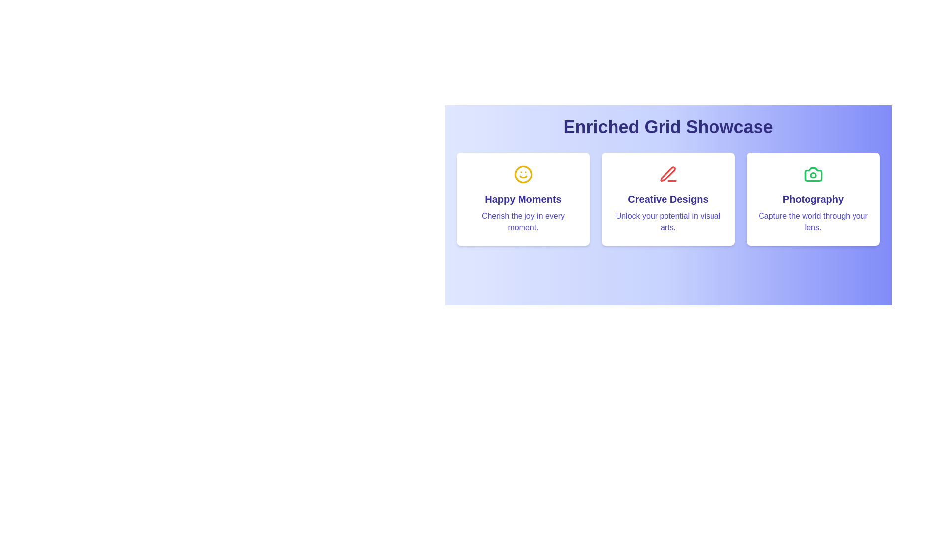 Image resolution: width=950 pixels, height=534 pixels. What do you see at coordinates (668, 174) in the screenshot?
I see `the creativity or design icon located above the 'Creative Designs' text within the 'Creative Designs' card` at bounding box center [668, 174].